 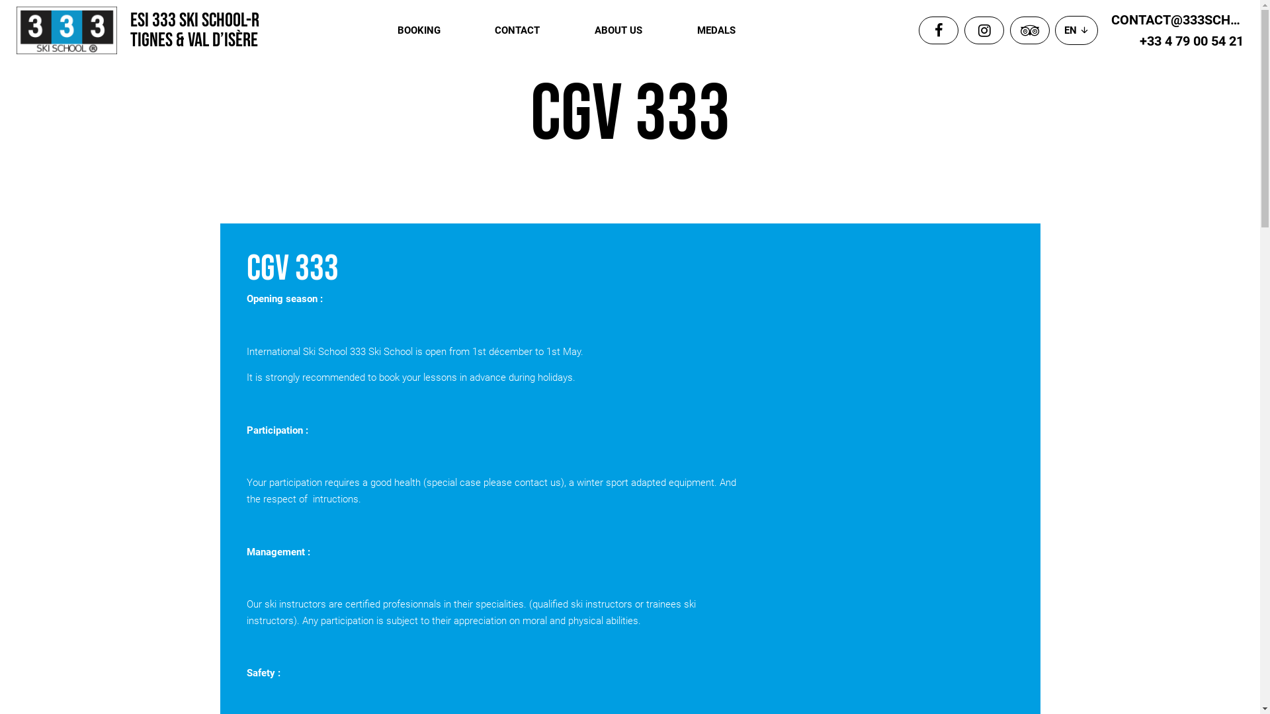 What do you see at coordinates (697, 30) in the screenshot?
I see `'MEDALS'` at bounding box center [697, 30].